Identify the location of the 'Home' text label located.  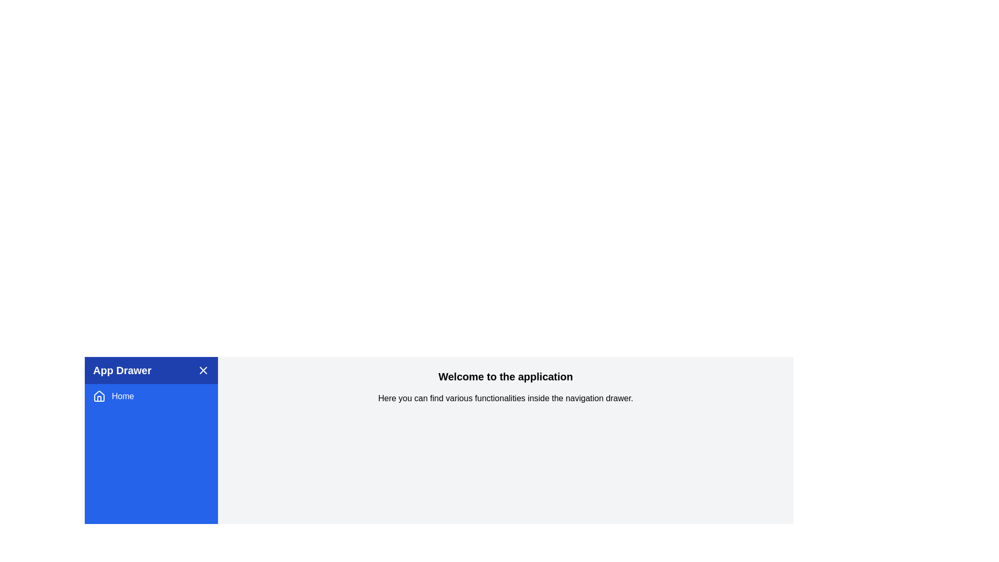
(123, 397).